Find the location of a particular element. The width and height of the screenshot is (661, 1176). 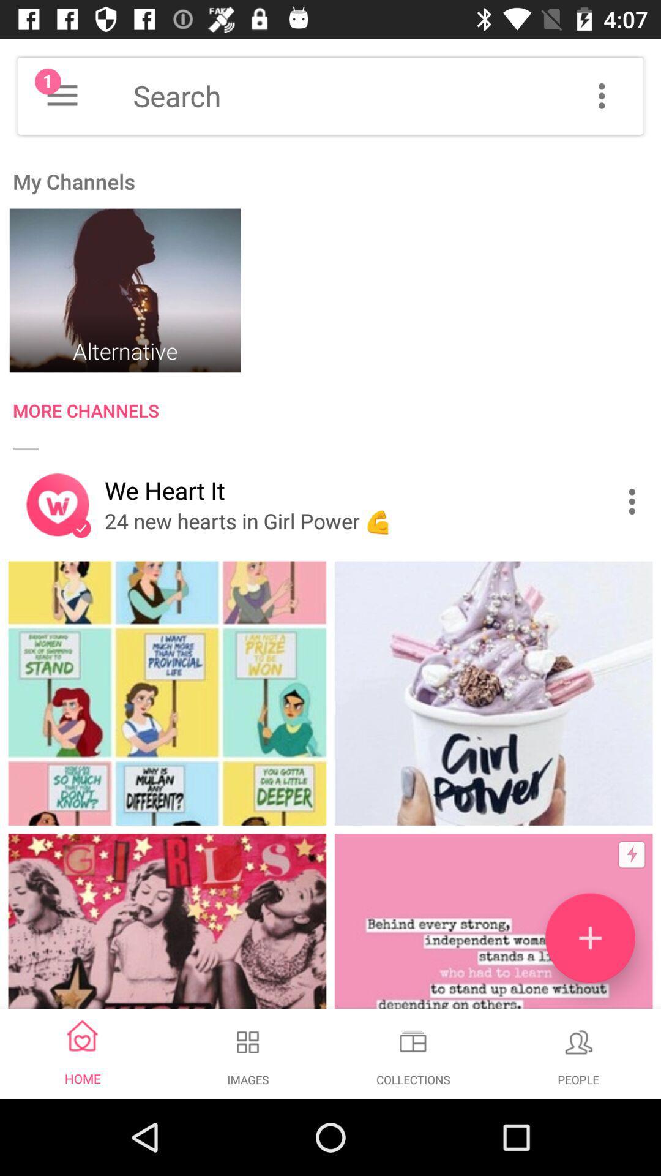

more option is located at coordinates (62, 95).